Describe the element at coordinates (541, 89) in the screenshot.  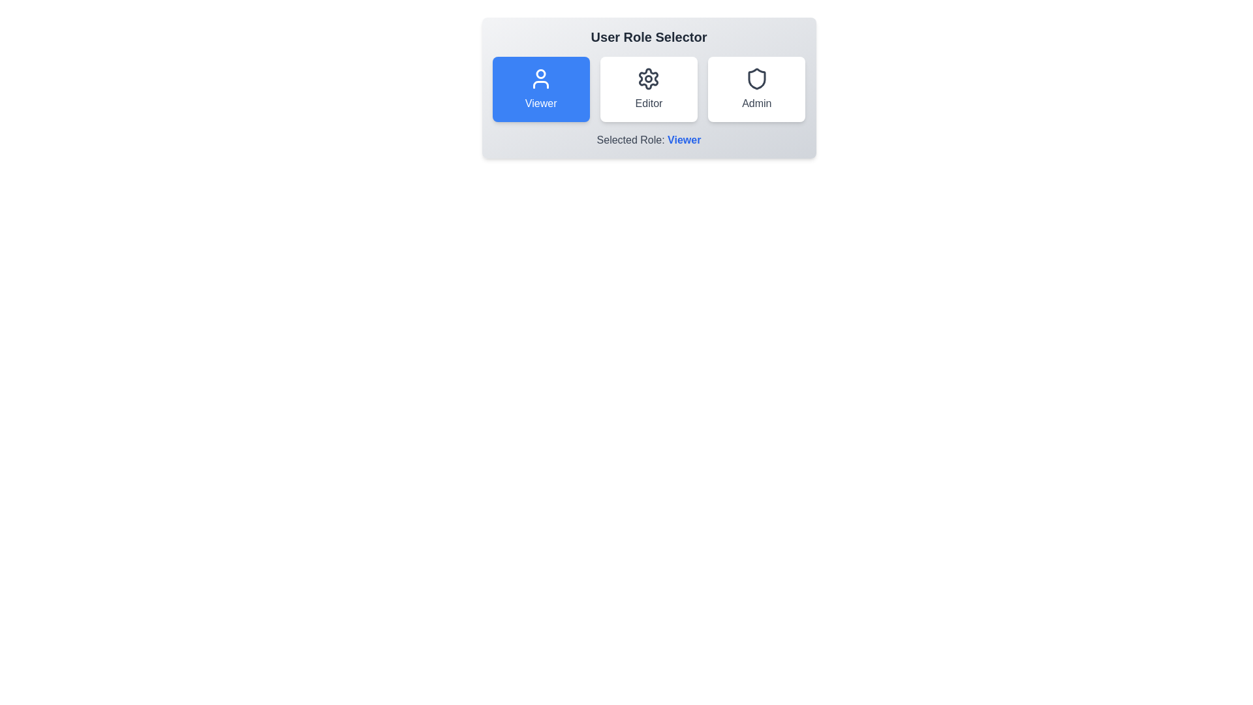
I see `the Viewer button to select the corresponding role` at that location.